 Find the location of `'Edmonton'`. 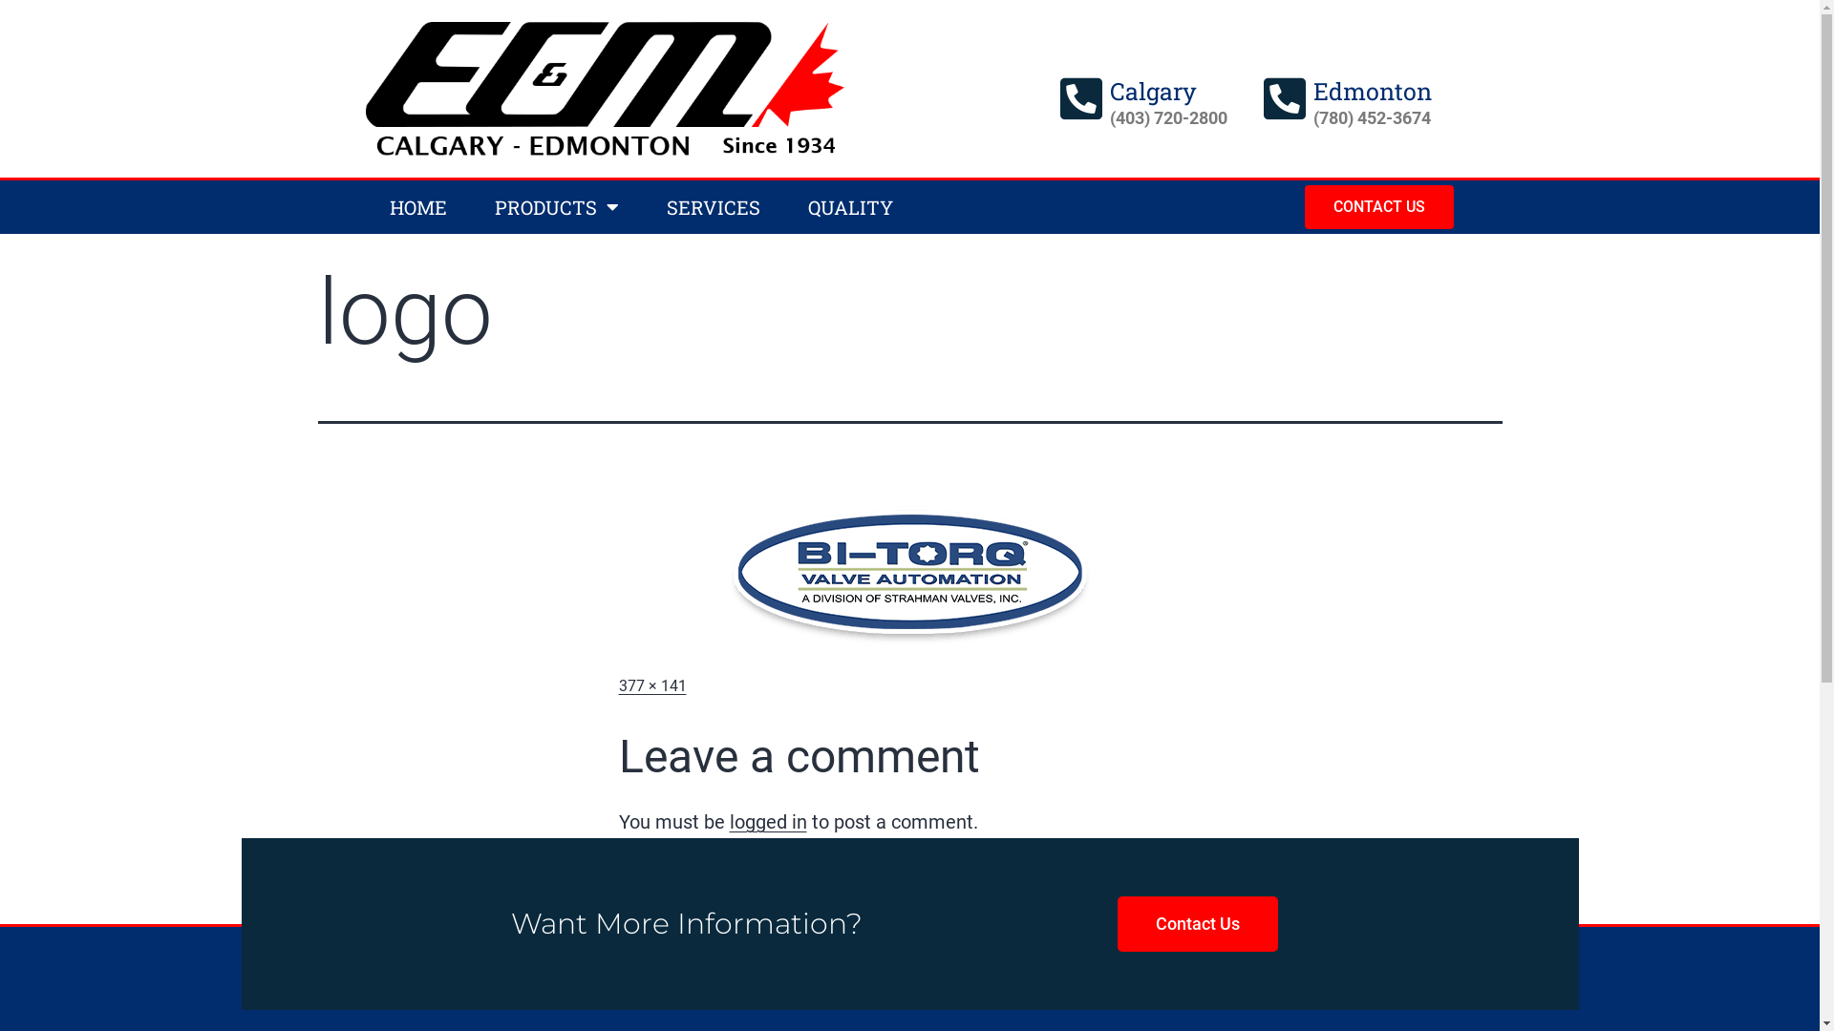

'Edmonton' is located at coordinates (1371, 91).